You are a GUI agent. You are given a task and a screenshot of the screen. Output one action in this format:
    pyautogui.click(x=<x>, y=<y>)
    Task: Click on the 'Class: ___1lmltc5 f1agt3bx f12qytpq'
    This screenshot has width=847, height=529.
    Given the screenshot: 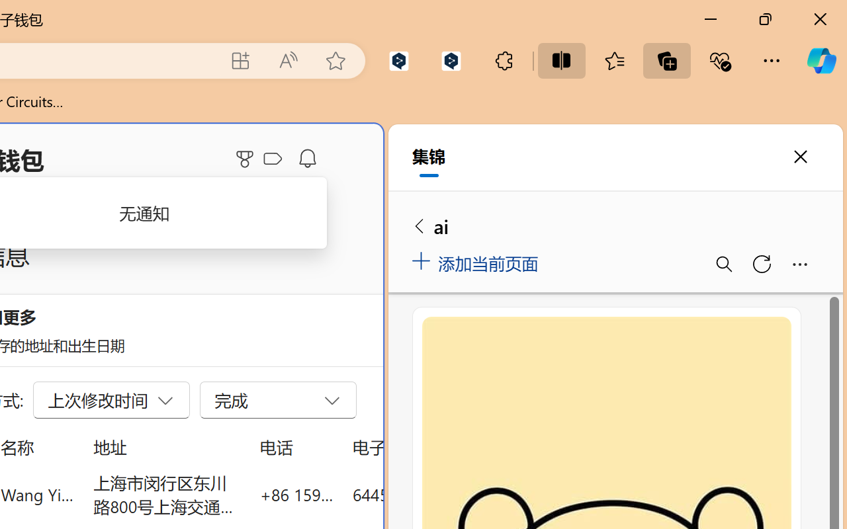 What is the action you would take?
    pyautogui.click(x=272, y=159)
    